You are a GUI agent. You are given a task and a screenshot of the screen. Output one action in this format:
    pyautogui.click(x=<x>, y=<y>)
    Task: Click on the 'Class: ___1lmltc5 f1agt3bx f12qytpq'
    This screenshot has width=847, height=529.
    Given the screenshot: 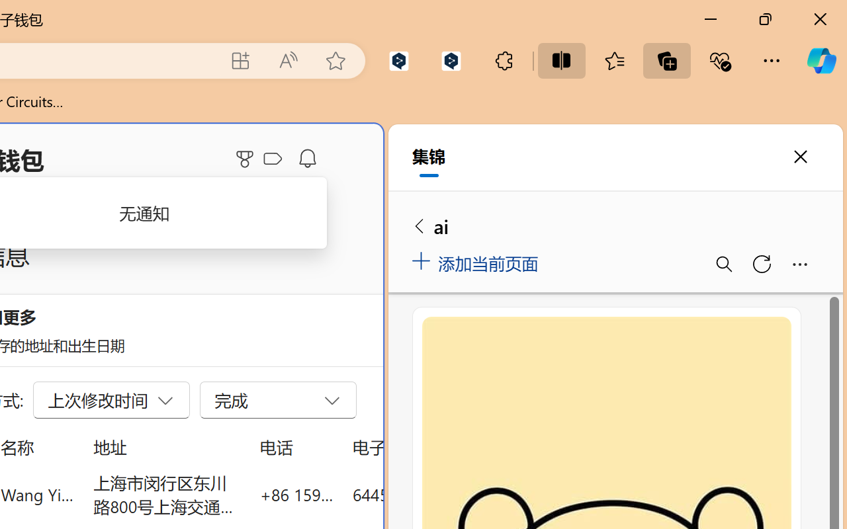 What is the action you would take?
    pyautogui.click(x=272, y=159)
    